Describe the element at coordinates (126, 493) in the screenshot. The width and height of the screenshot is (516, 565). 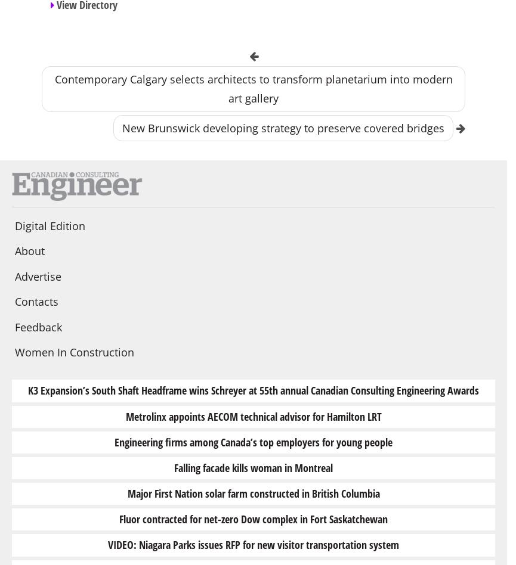
I see `'Major First Nation solar farm constructed in British Columbia'` at that location.